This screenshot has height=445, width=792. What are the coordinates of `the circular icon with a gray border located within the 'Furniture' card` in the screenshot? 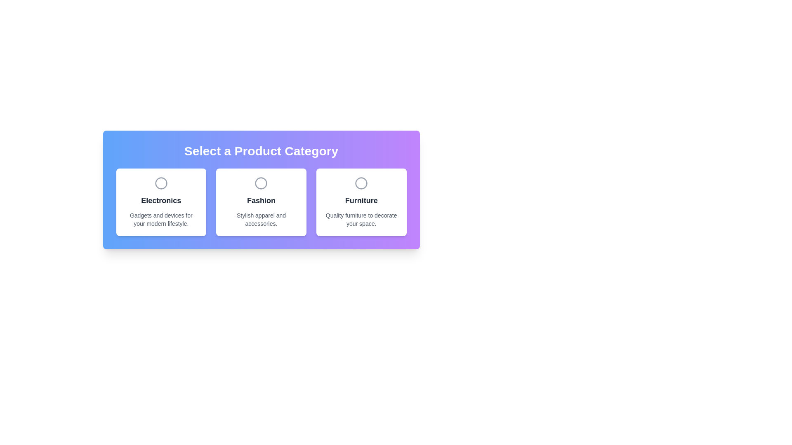 It's located at (361, 183).